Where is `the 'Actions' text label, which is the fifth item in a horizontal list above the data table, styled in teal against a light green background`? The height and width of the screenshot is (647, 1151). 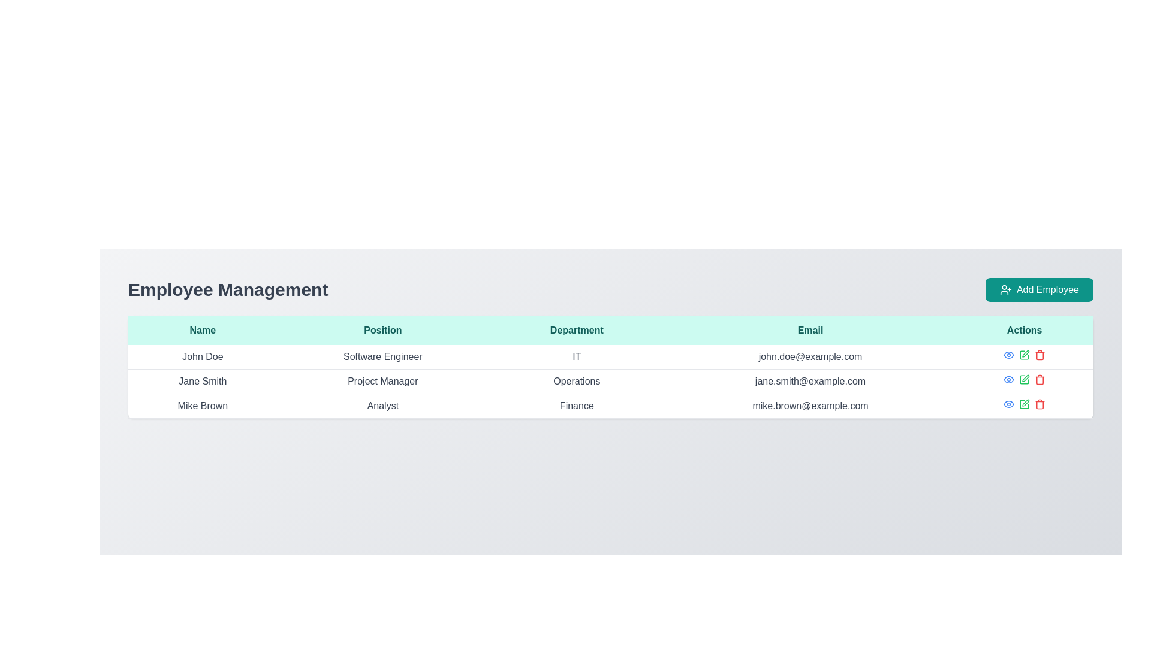 the 'Actions' text label, which is the fifth item in a horizontal list above the data table, styled in teal against a light green background is located at coordinates (1024, 330).